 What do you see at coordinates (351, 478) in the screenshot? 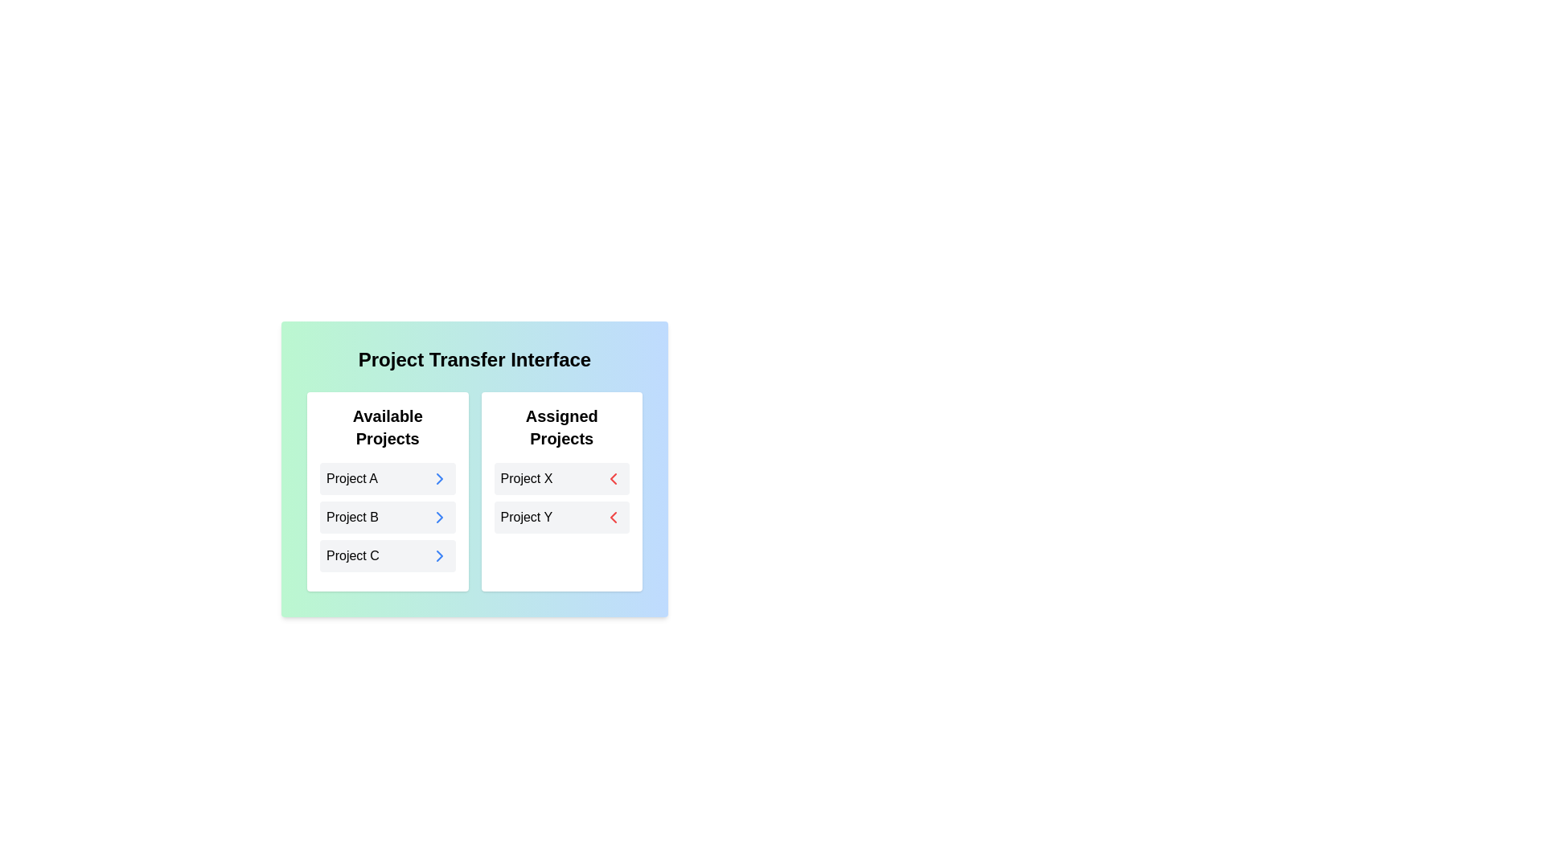
I see `the 'Project A' text label located at the top of the 'Available Projects' panel` at bounding box center [351, 478].